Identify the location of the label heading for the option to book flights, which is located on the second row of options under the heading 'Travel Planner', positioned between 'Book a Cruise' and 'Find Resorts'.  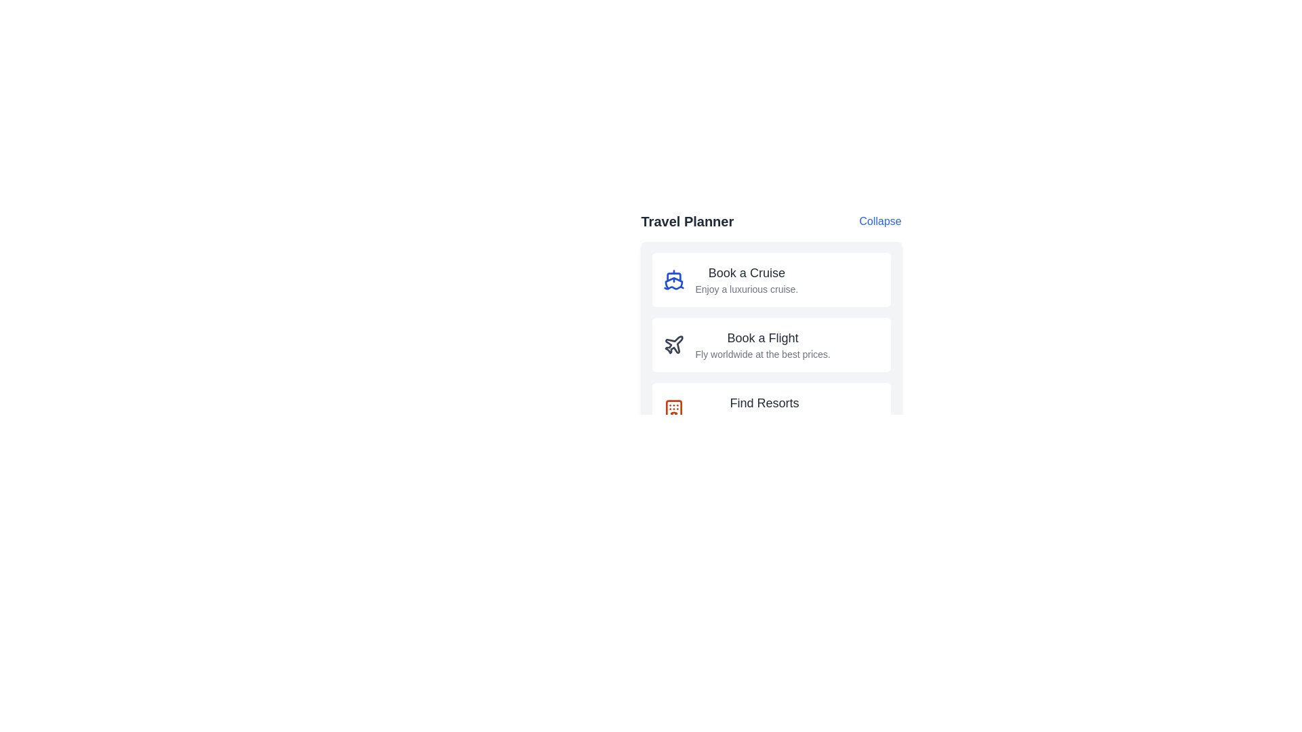
(763, 337).